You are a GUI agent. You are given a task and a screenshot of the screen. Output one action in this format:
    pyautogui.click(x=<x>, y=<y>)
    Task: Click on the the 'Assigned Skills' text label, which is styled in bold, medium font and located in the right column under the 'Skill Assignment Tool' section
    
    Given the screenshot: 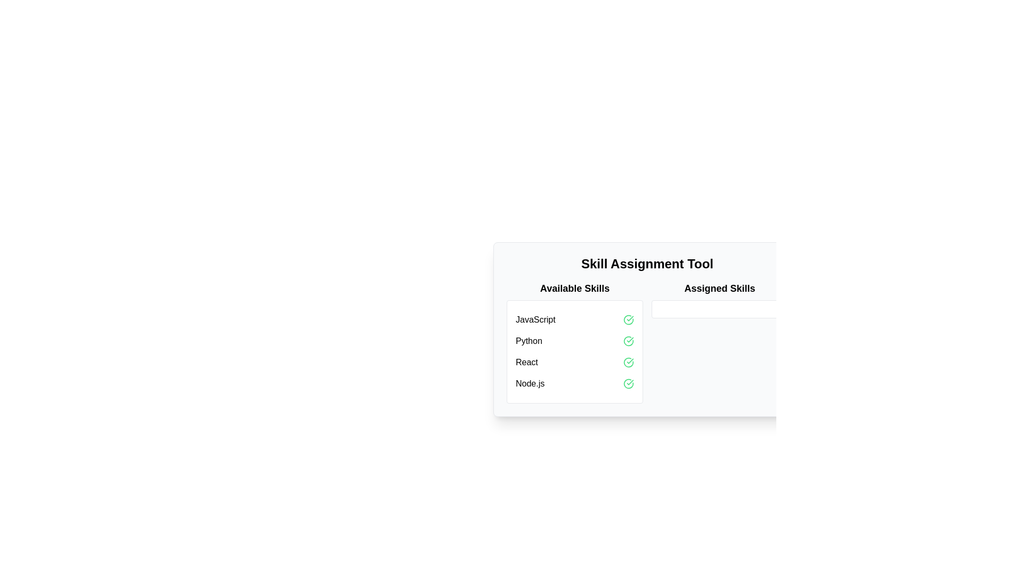 What is the action you would take?
    pyautogui.click(x=719, y=289)
    